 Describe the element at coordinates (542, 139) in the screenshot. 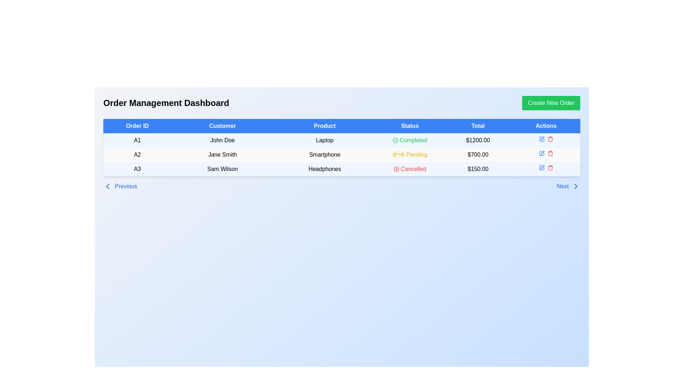

I see `the blue pen icon in the 'Actions' column of the first row` at that location.